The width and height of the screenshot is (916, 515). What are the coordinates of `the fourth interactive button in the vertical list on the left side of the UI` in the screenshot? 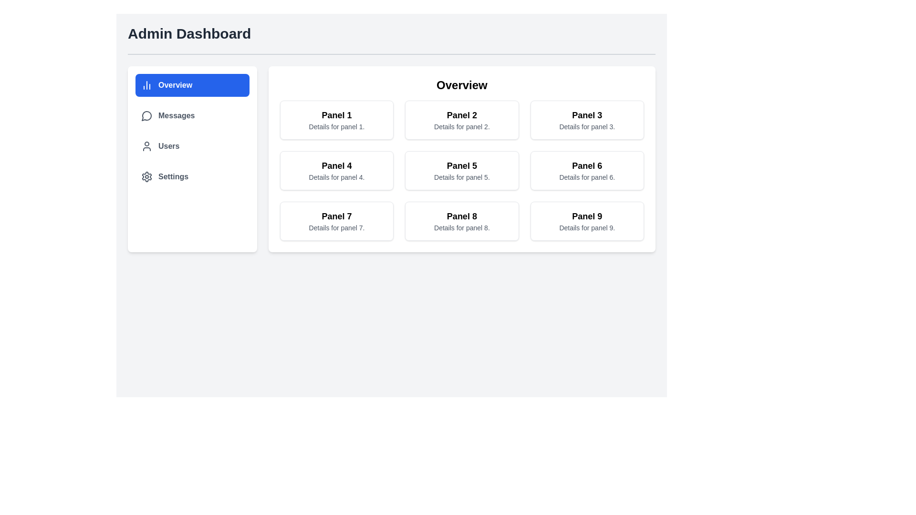 It's located at (192, 176).